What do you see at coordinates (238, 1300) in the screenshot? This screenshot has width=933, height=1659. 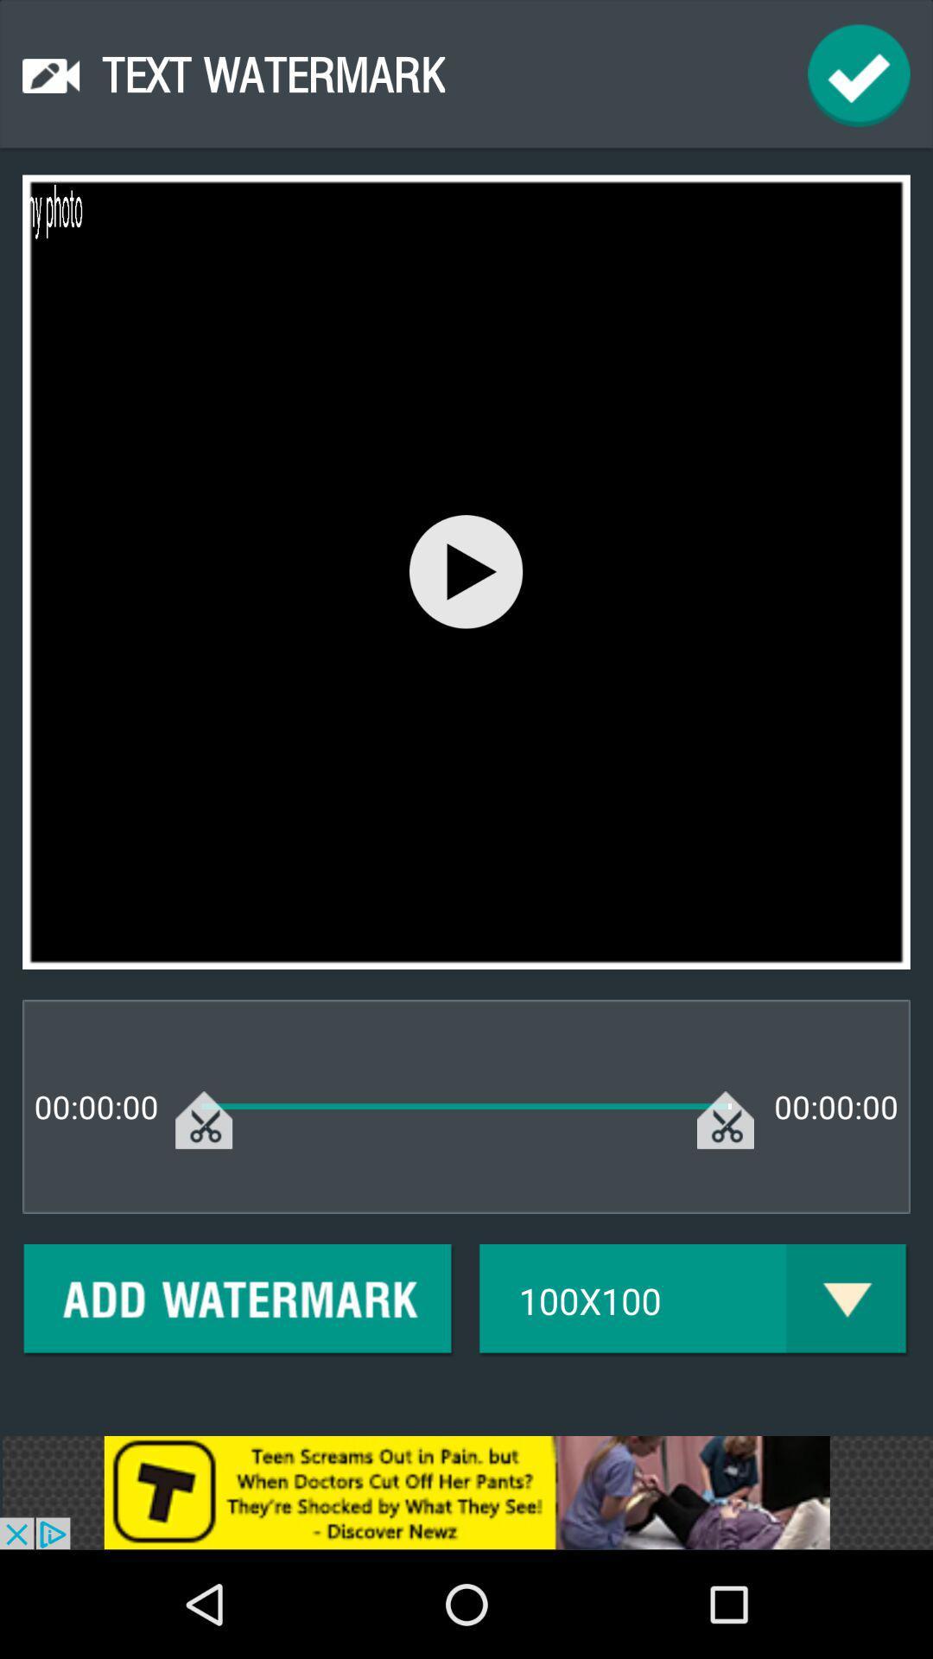 I see `watermark option` at bounding box center [238, 1300].